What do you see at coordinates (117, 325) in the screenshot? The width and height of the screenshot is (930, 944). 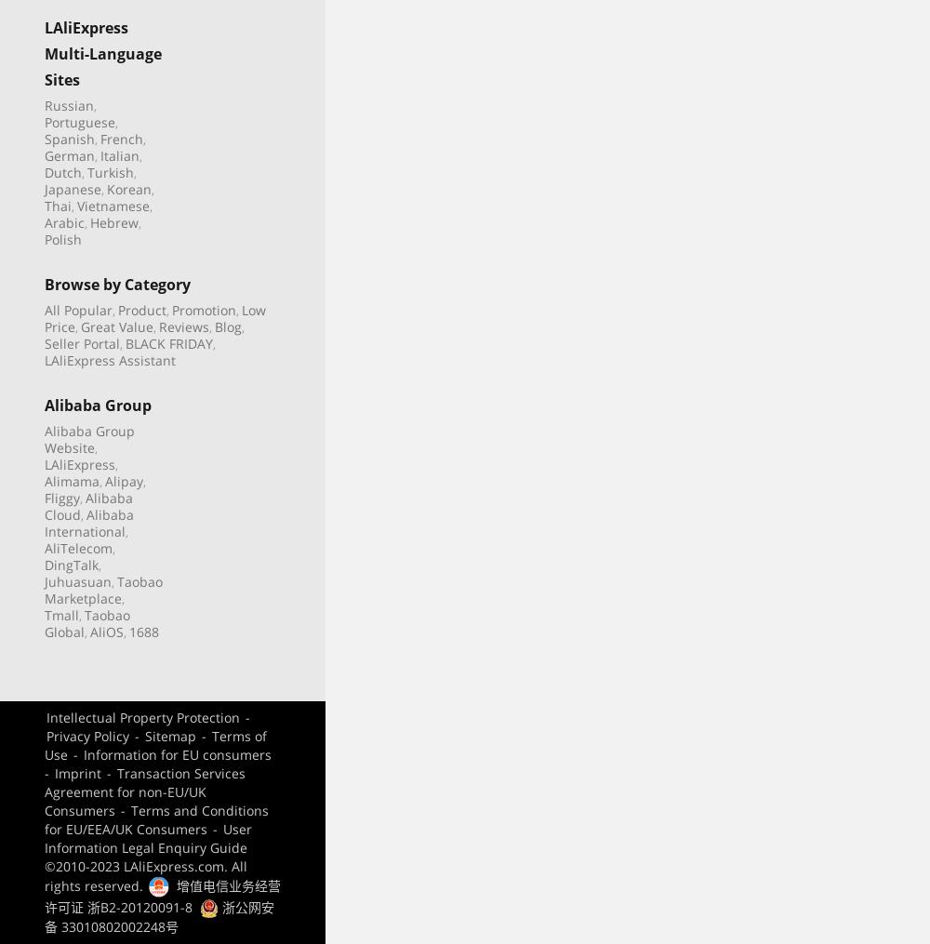 I see `'Great Value'` at bounding box center [117, 325].